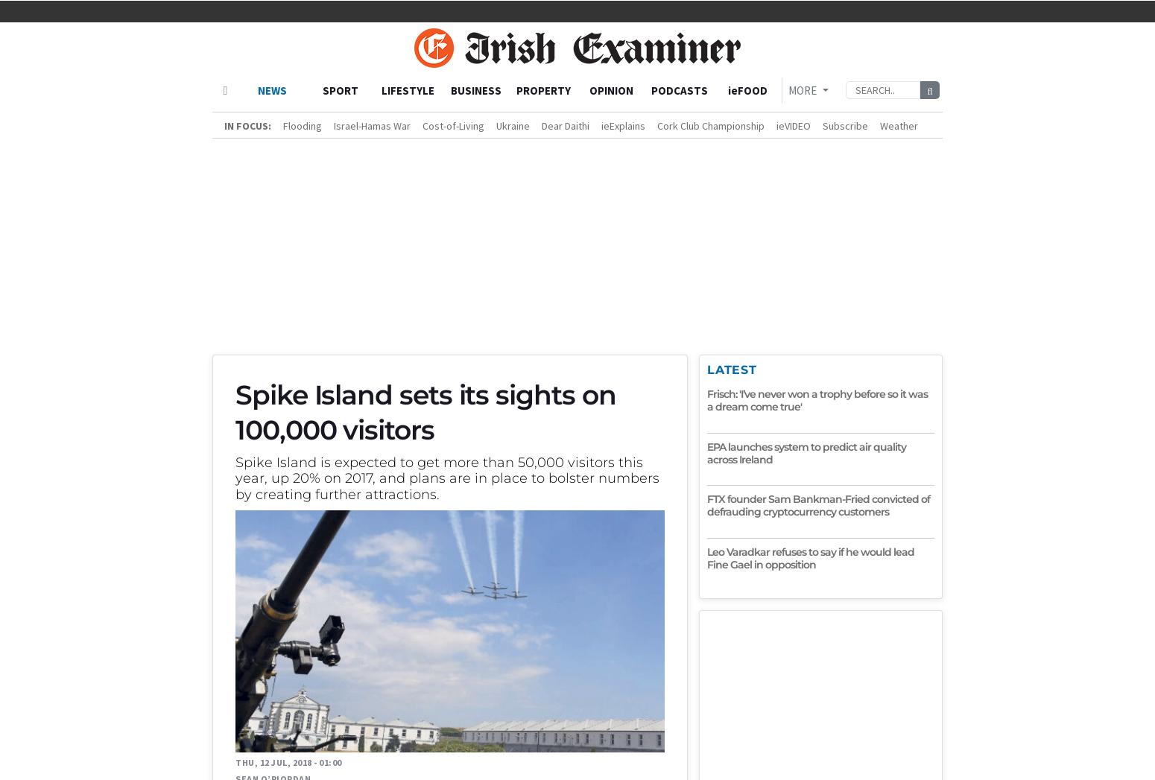  I want to click on 'Ashling Murphy murder trial hits ‘speed bump’ and is delayed until Thursday', so click(450, 632).